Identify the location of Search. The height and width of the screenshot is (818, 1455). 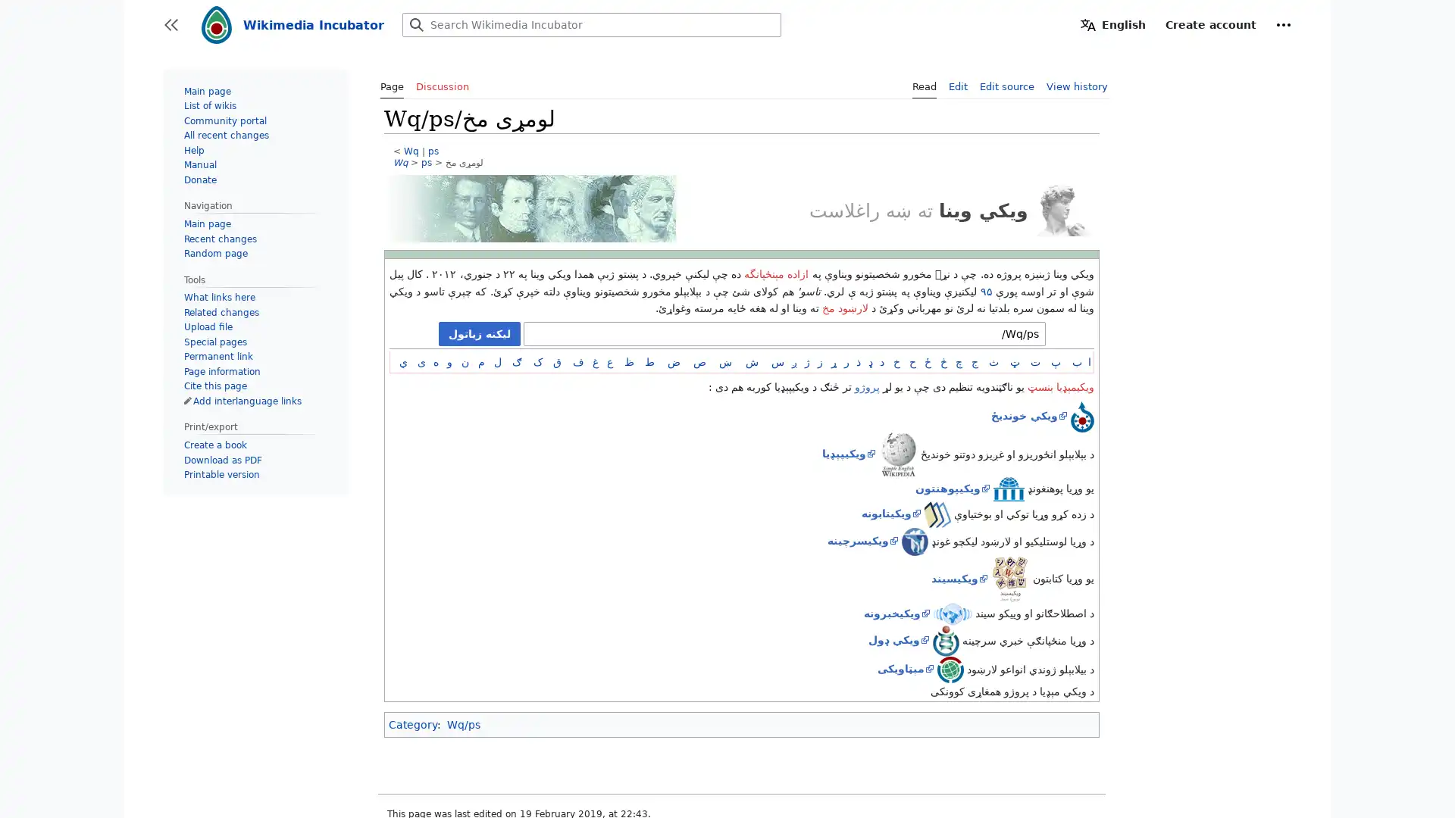
(417, 25).